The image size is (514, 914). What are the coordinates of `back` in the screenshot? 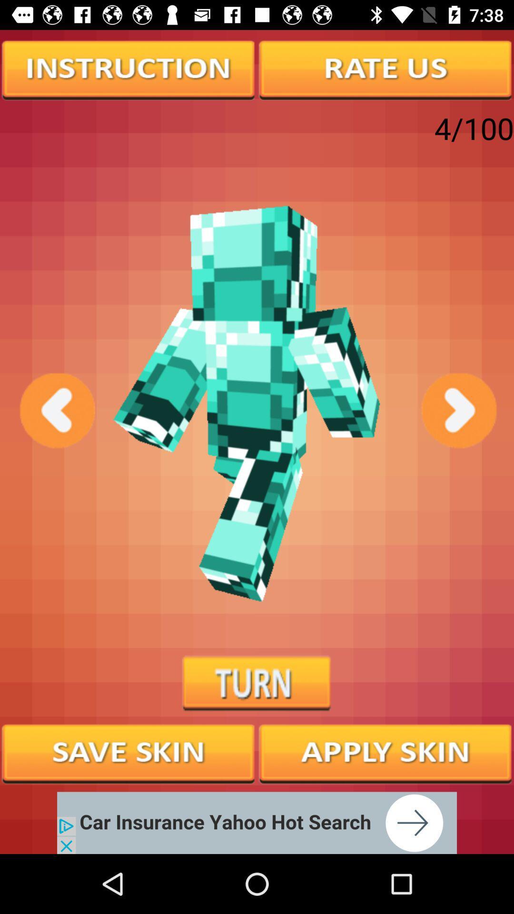 It's located at (56, 410).